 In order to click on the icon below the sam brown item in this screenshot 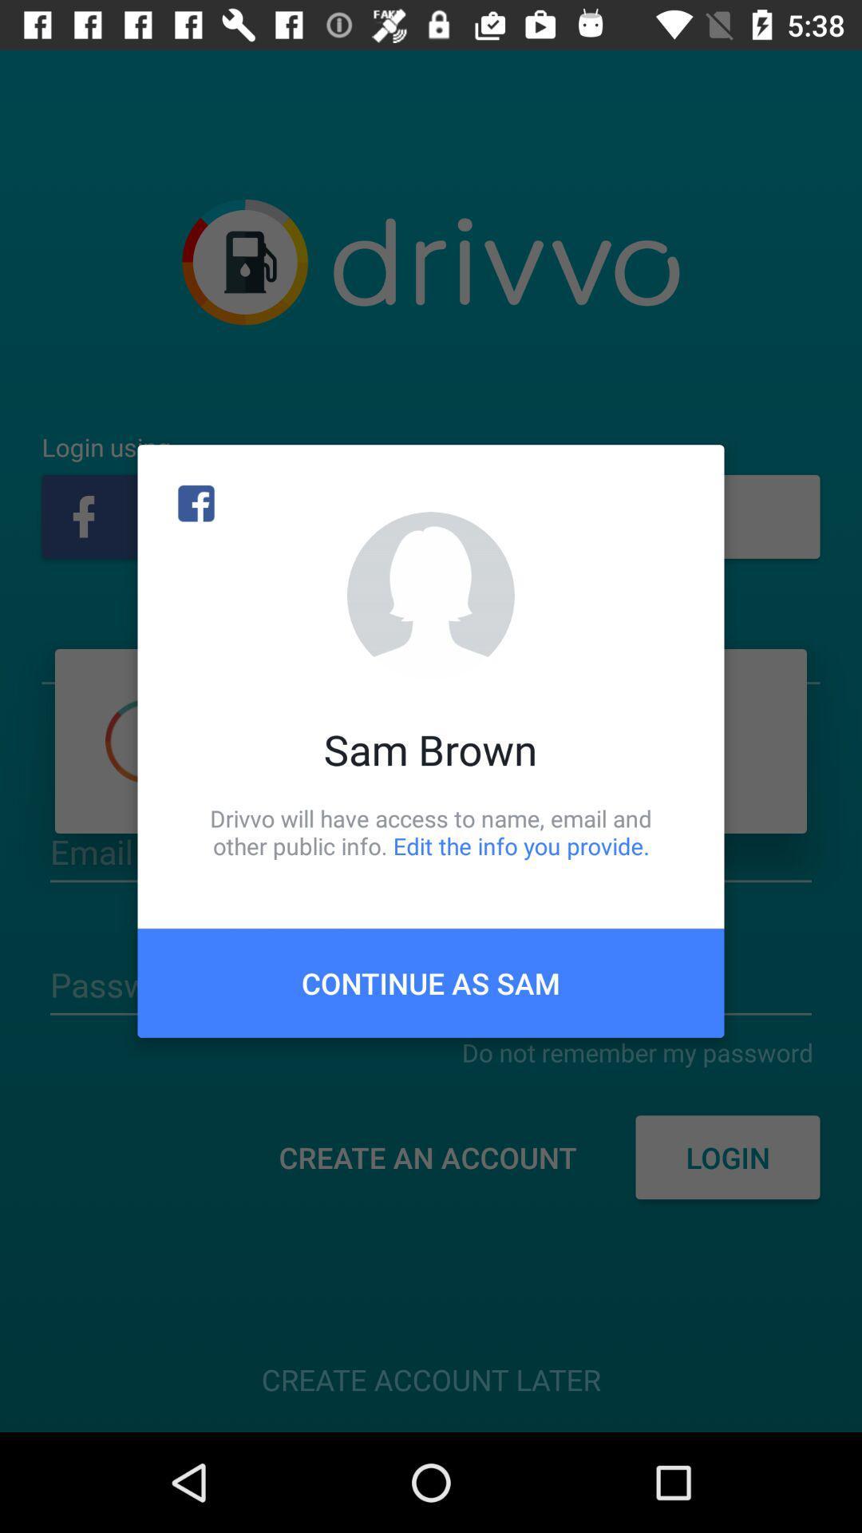, I will do `click(431, 831)`.